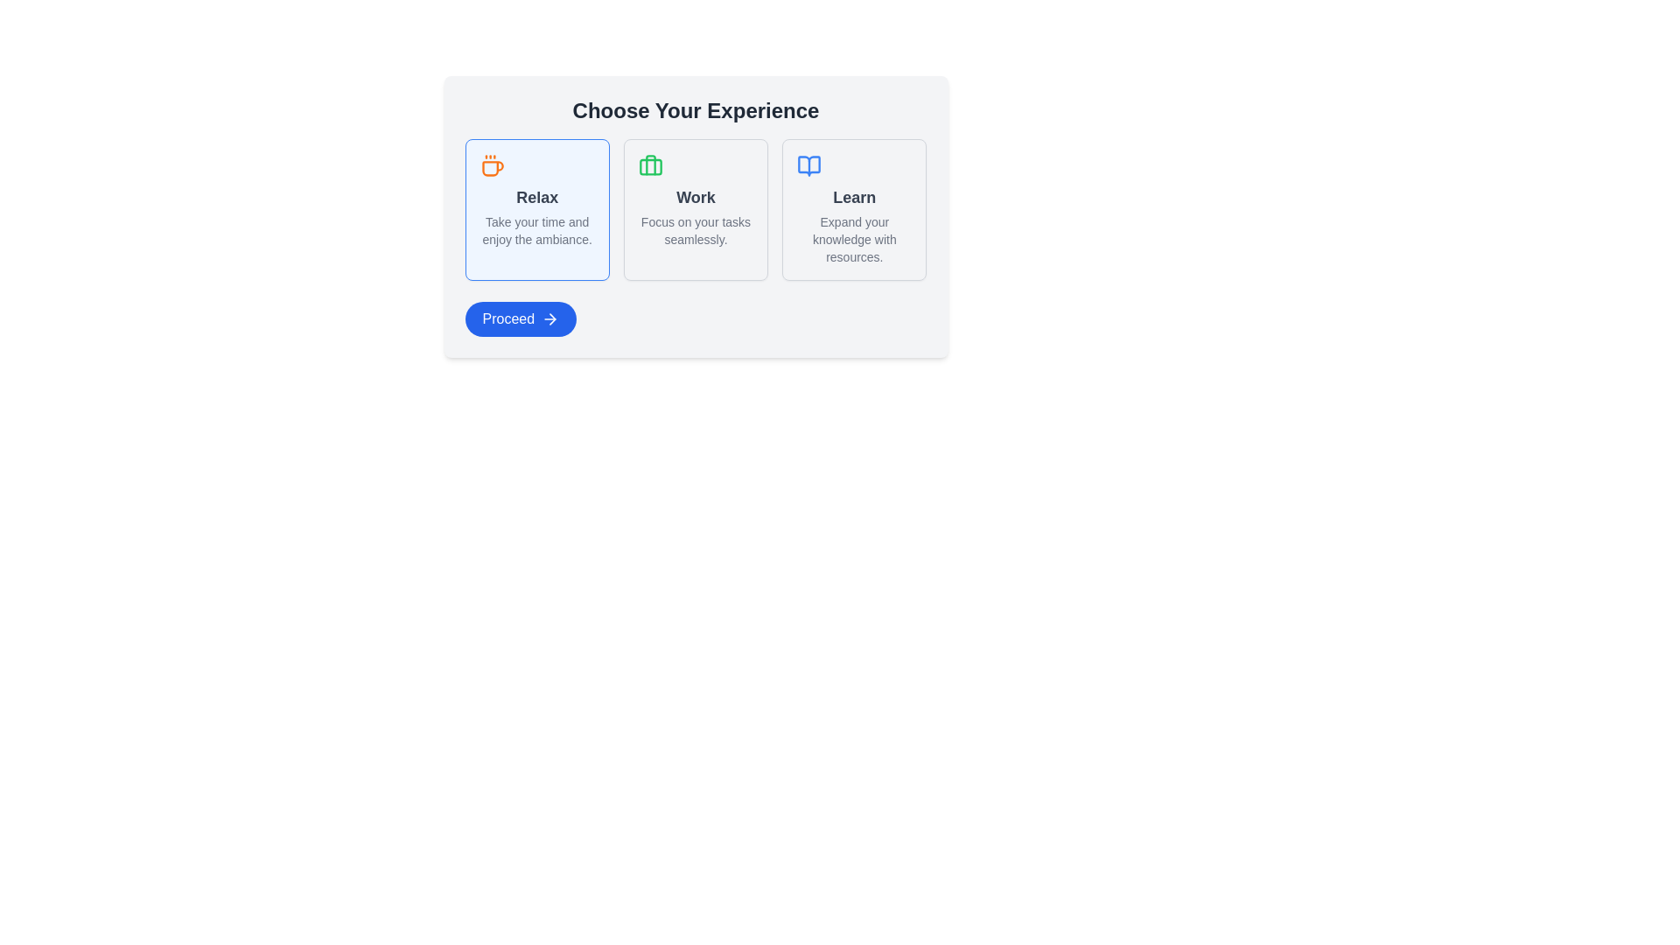 Image resolution: width=1680 pixels, height=945 pixels. Describe the element at coordinates (808, 165) in the screenshot. I see `the 'Learn' icon, which represents a feature for accessing knowledge or resources, located in the third box of the icon options` at that location.